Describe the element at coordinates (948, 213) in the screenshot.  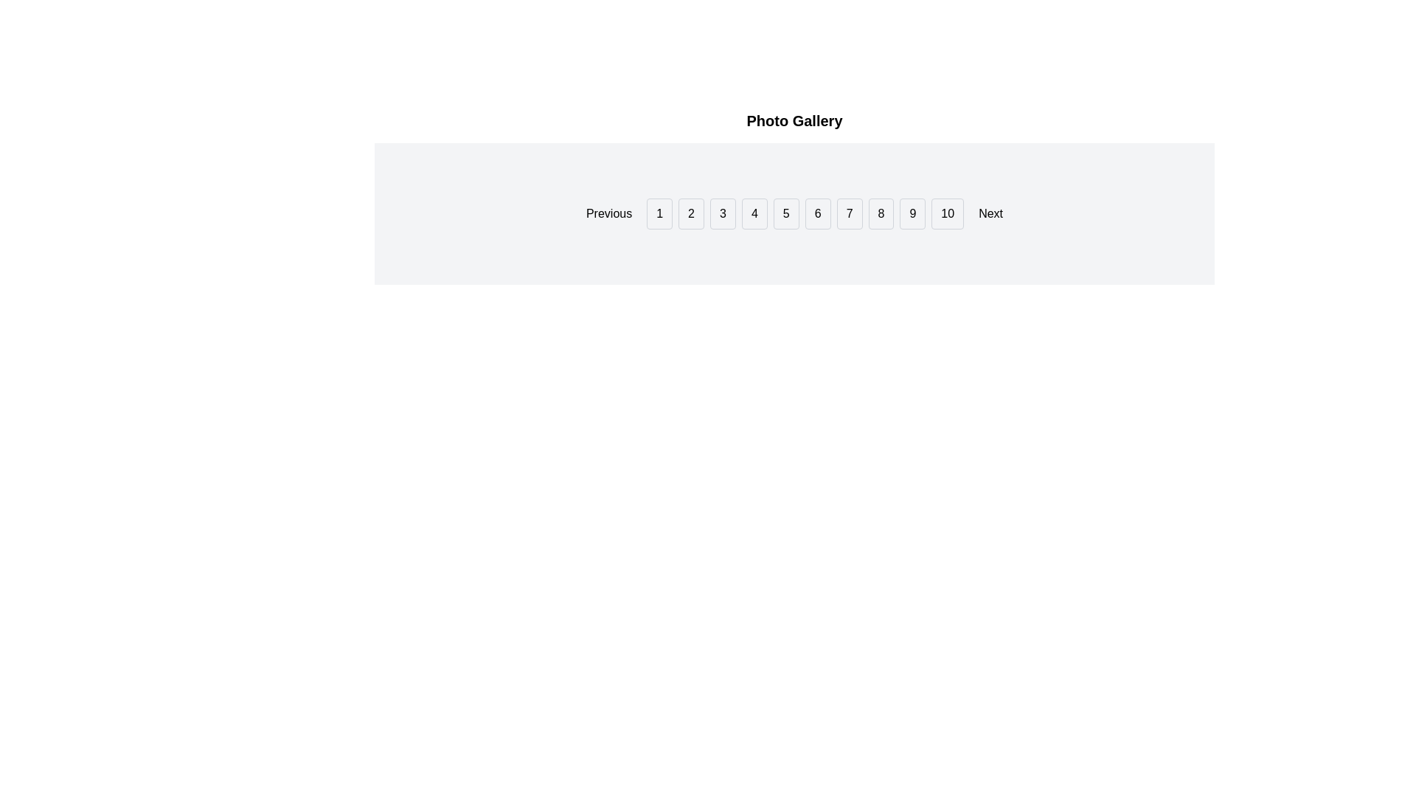
I see `the pagination control button labeled '10', which is the last button in a sequence of numbered buttons for navigating to the 10th page` at that location.